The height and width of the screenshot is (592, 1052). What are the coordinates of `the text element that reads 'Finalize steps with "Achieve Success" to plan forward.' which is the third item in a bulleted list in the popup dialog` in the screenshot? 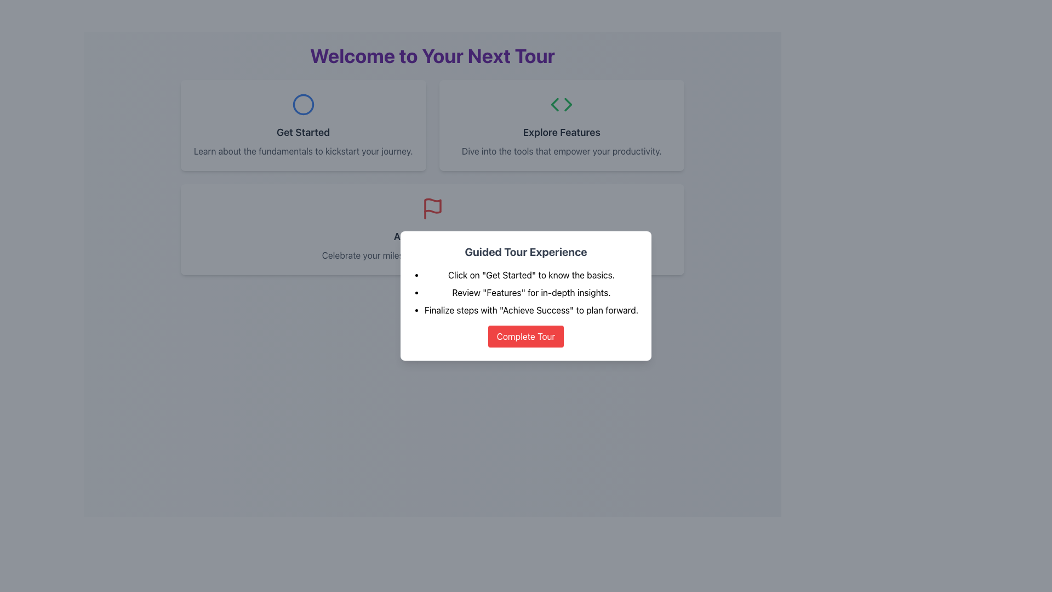 It's located at (531, 310).